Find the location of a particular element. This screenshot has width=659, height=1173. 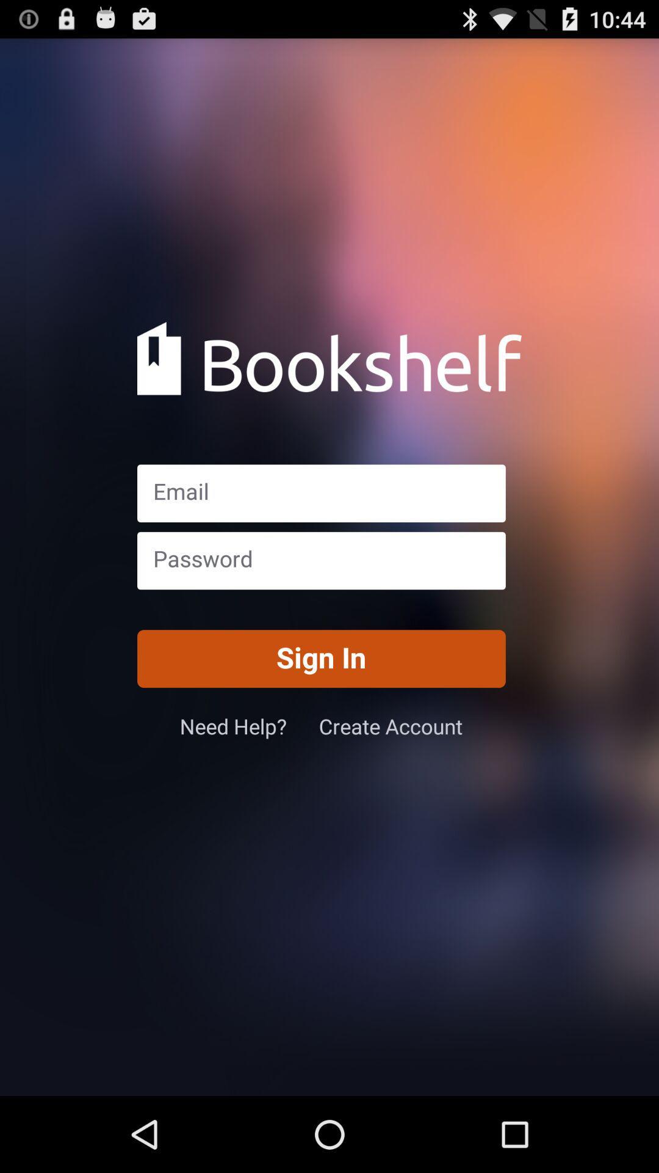

need help? icon is located at coordinates (248, 726).